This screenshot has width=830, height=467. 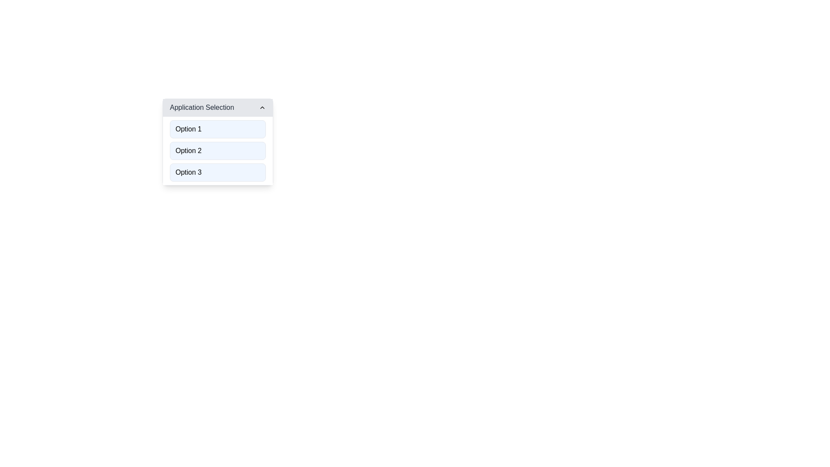 What do you see at coordinates (218, 150) in the screenshot?
I see `the second selectable option in the 'Application Selection' dropdown` at bounding box center [218, 150].